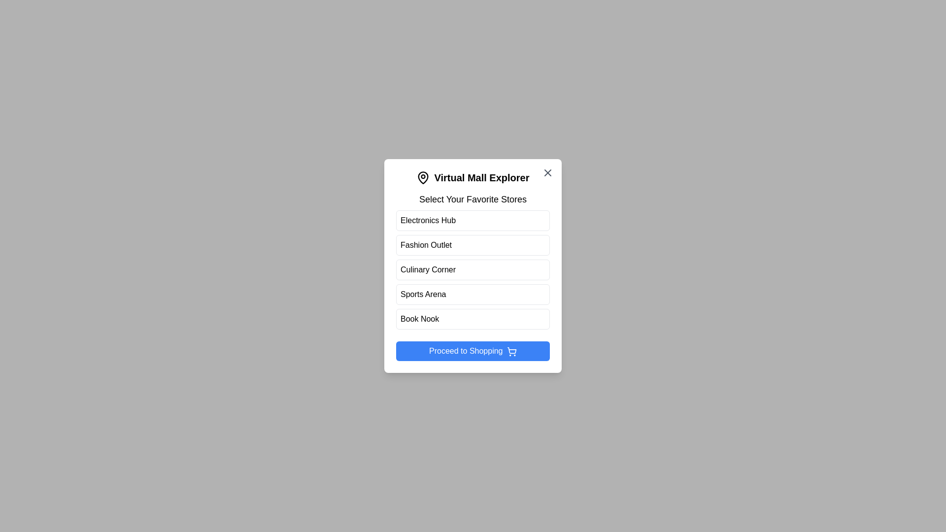 The width and height of the screenshot is (946, 532). I want to click on the text label 'Culinary Corner' which is the third option in the list displayed under 'Select Your Favorite Stores', so click(428, 269).